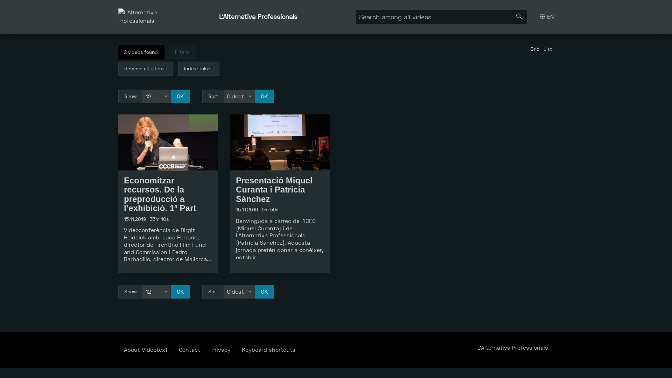 The image size is (672, 378). Describe the element at coordinates (205, 350) in the screenshot. I see `'Privacy'` at that location.